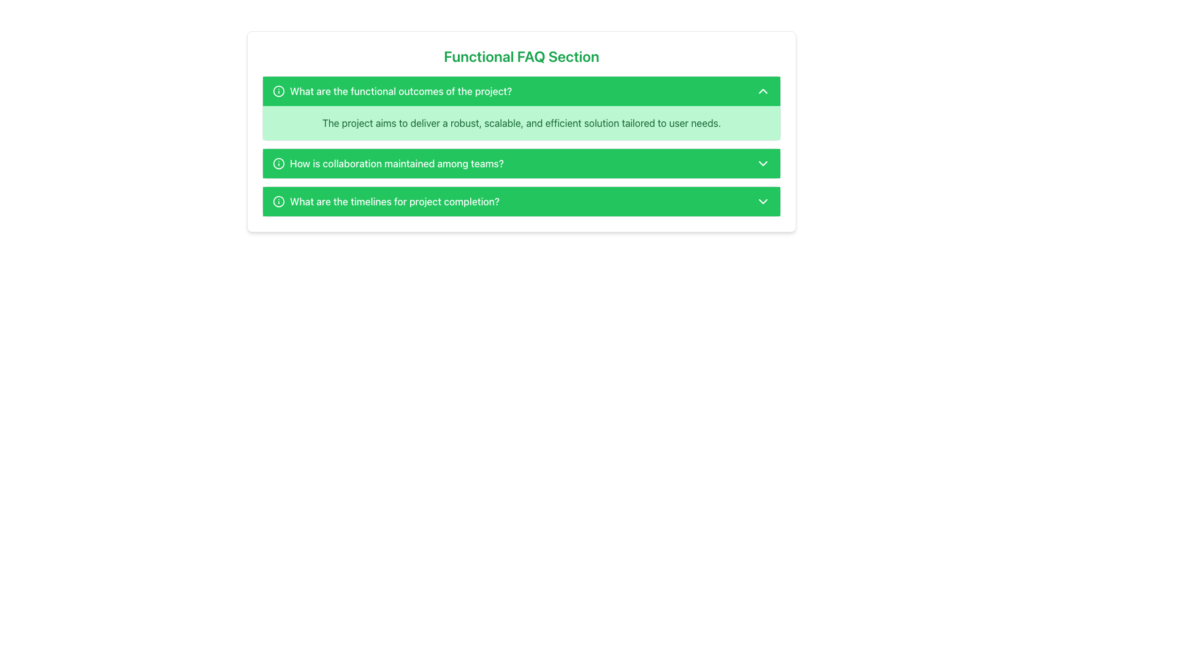 The width and height of the screenshot is (1177, 662). I want to click on the toggle button labeled 'What are the timelines for project completion?' located, so click(521, 200).